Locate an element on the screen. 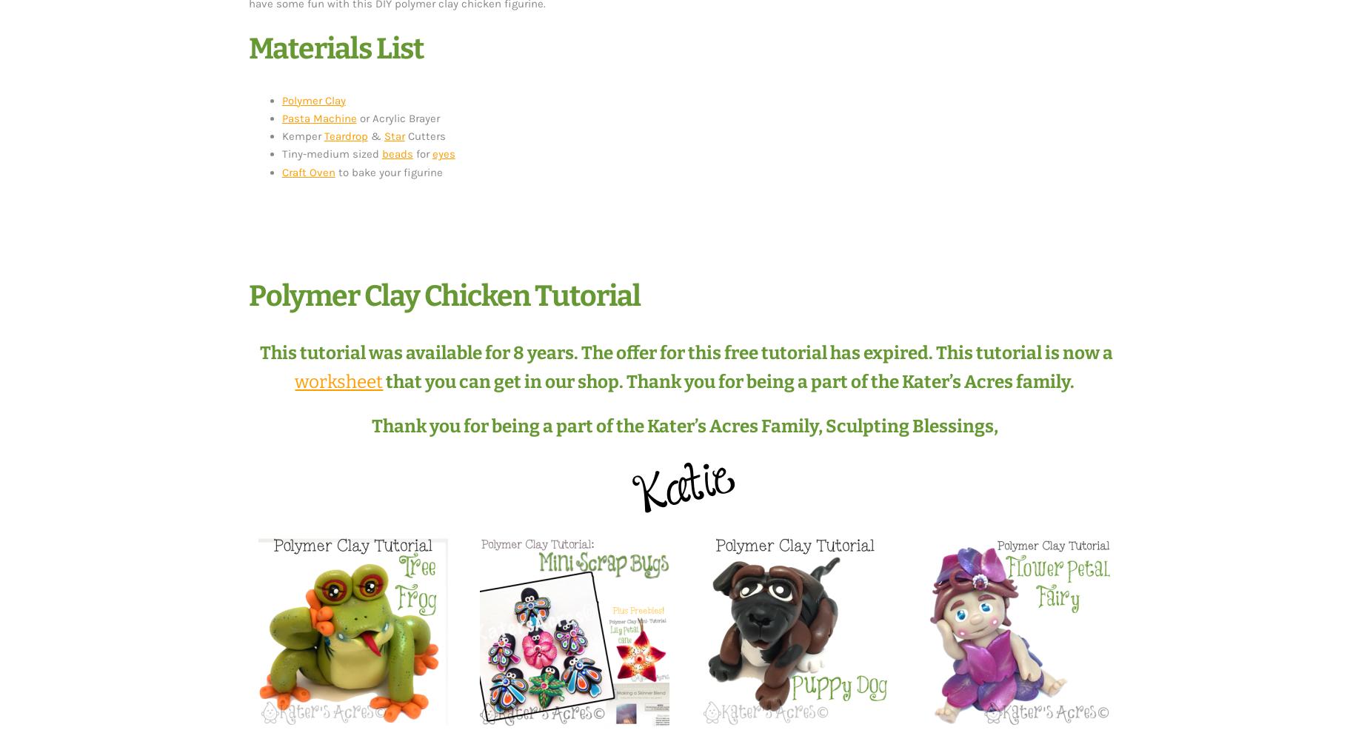 The height and width of the screenshot is (730, 1370). 'Kemper' is located at coordinates (301, 135).